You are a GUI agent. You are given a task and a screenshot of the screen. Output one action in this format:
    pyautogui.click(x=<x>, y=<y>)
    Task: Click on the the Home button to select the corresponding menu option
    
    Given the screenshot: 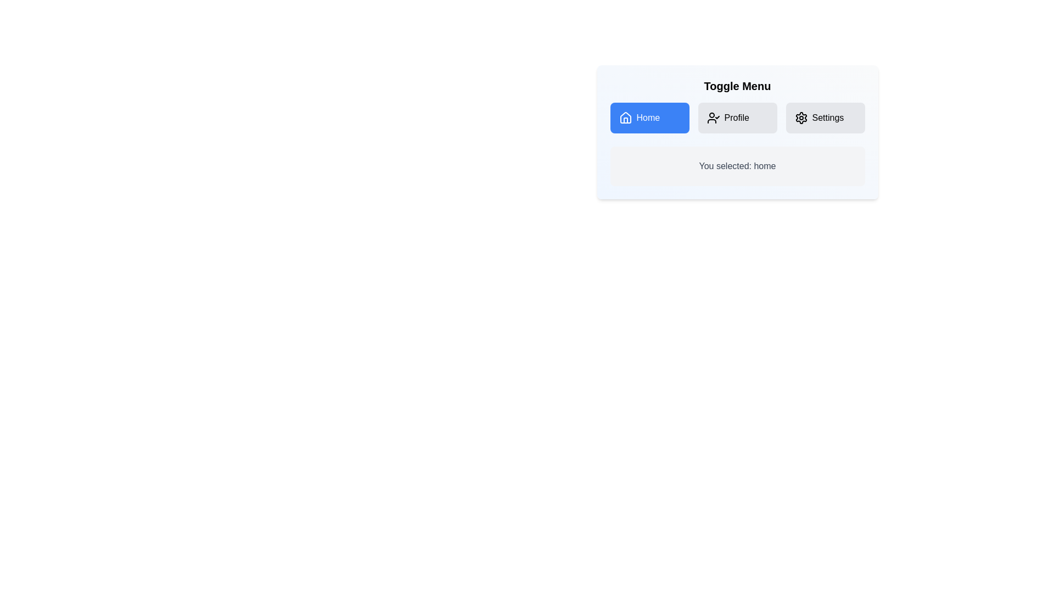 What is the action you would take?
    pyautogui.click(x=649, y=118)
    